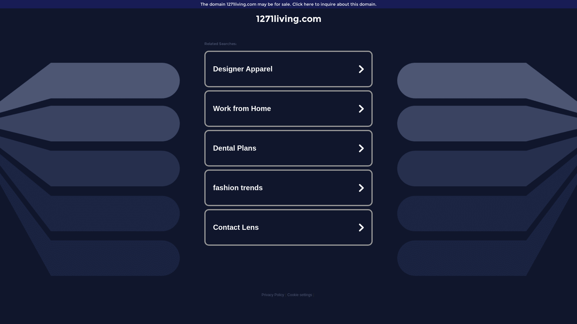 The image size is (577, 324). What do you see at coordinates (300, 295) in the screenshot?
I see `'Cookie settings'` at bounding box center [300, 295].